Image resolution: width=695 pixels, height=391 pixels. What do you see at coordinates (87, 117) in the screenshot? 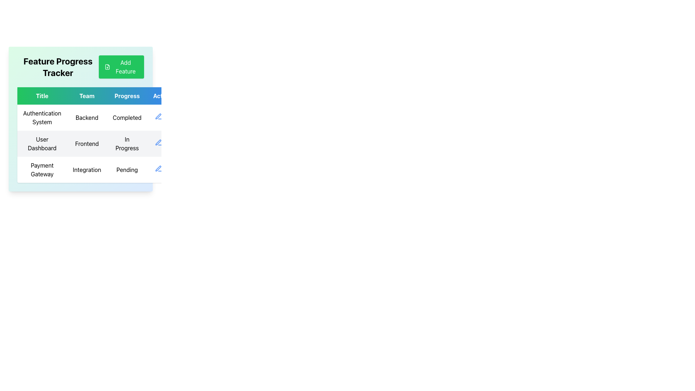
I see `the text label indicating the team responsible for the 'Authentication System' feature, located in the second cell of the first row of the table` at bounding box center [87, 117].